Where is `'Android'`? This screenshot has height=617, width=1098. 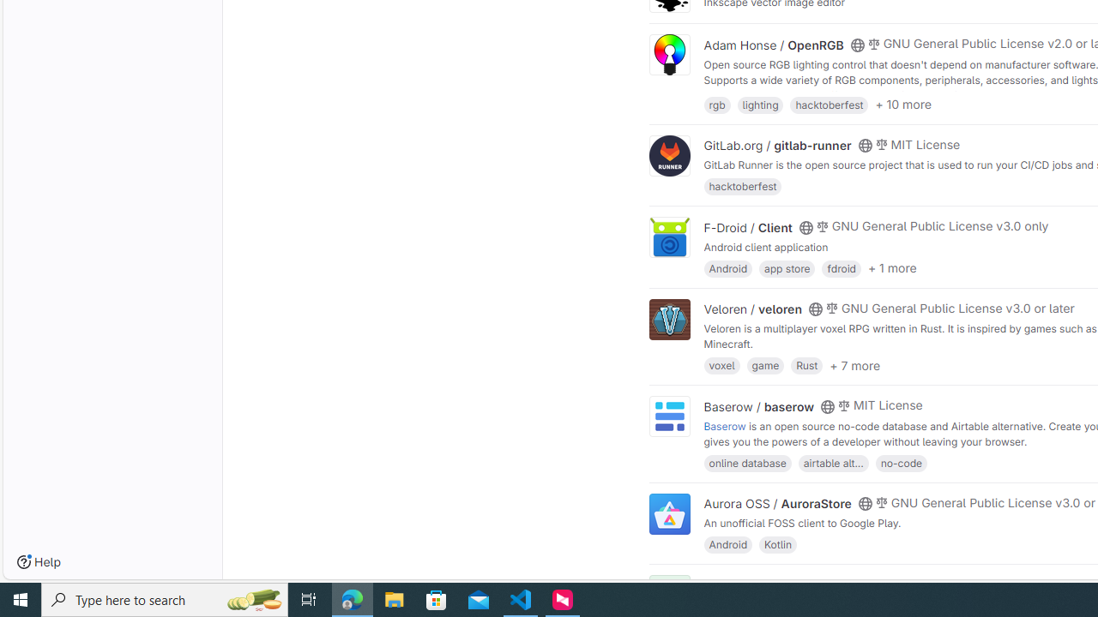 'Android' is located at coordinates (727, 544).